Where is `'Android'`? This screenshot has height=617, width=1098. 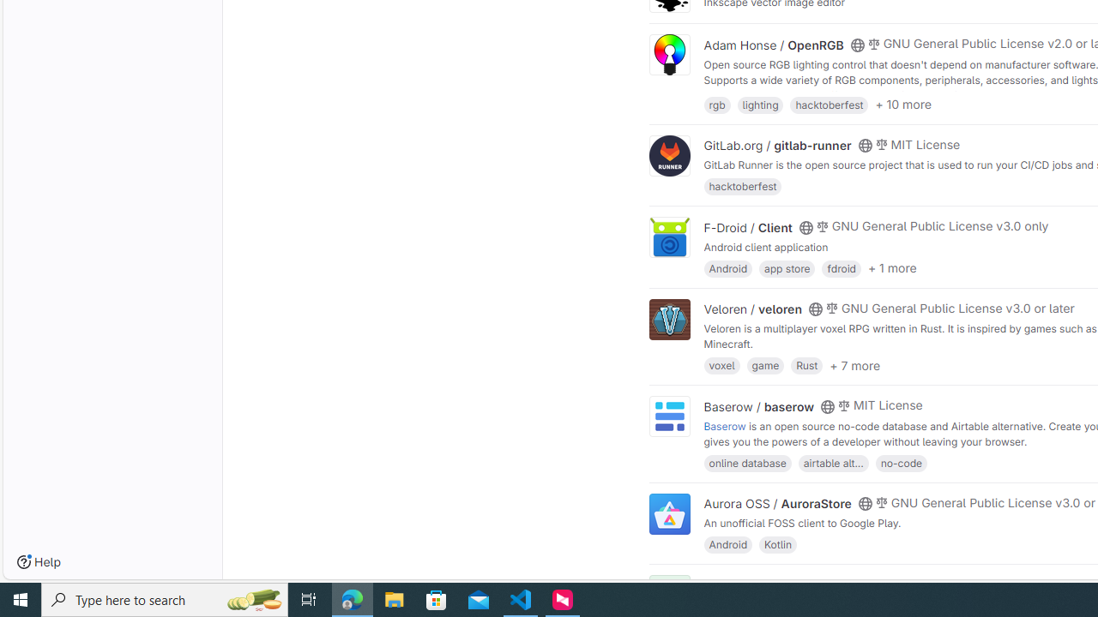 'Android' is located at coordinates (727, 544).